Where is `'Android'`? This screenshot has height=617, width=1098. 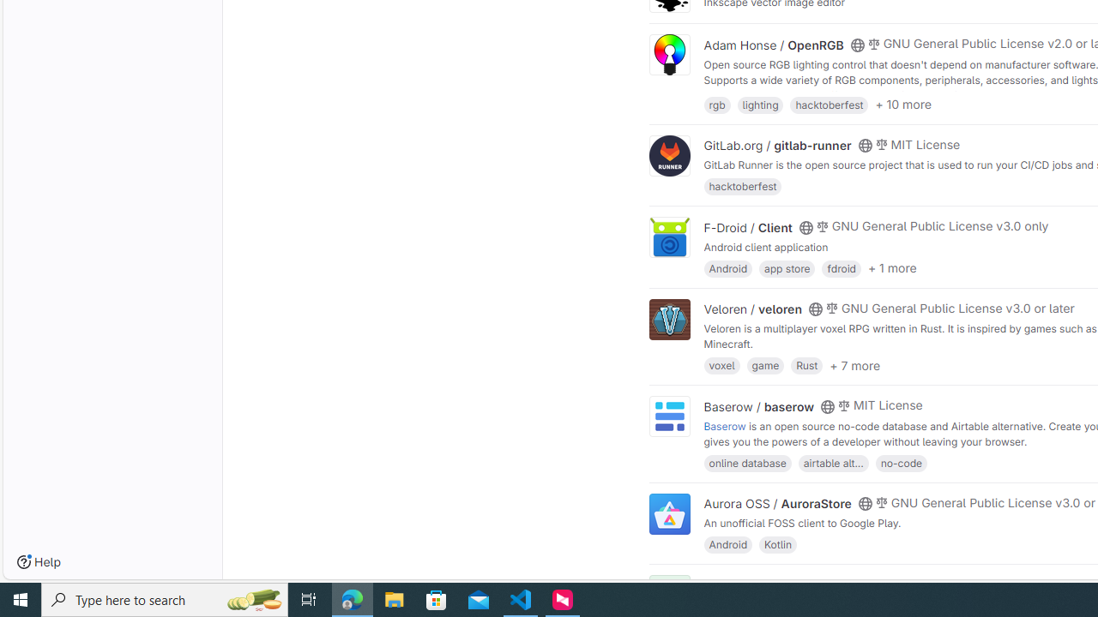 'Android' is located at coordinates (727, 544).